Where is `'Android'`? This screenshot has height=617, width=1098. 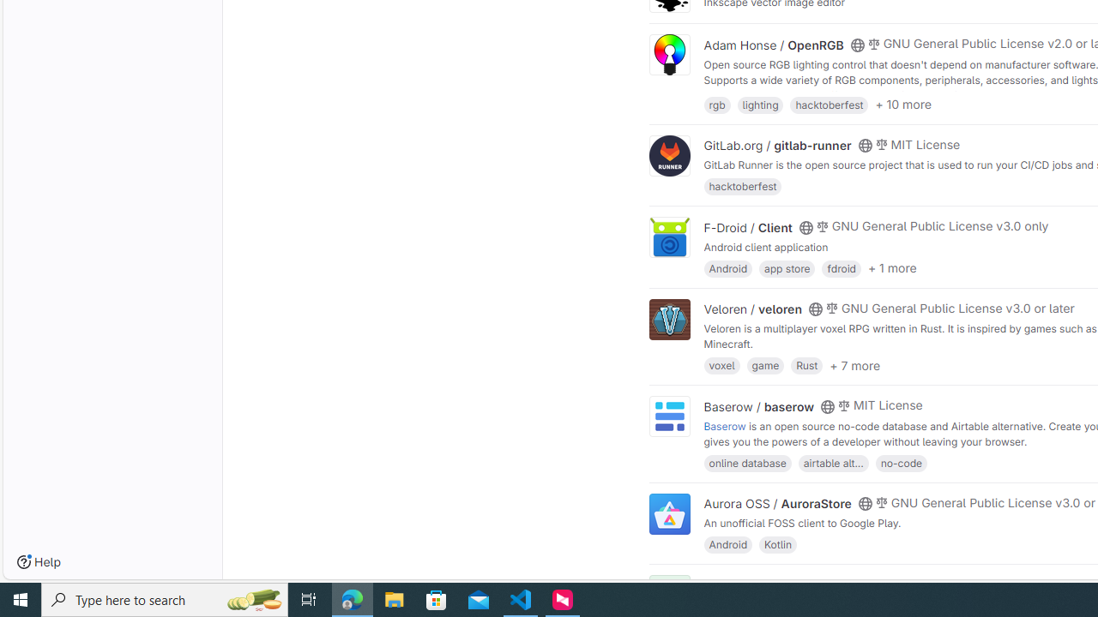 'Android' is located at coordinates (727, 544).